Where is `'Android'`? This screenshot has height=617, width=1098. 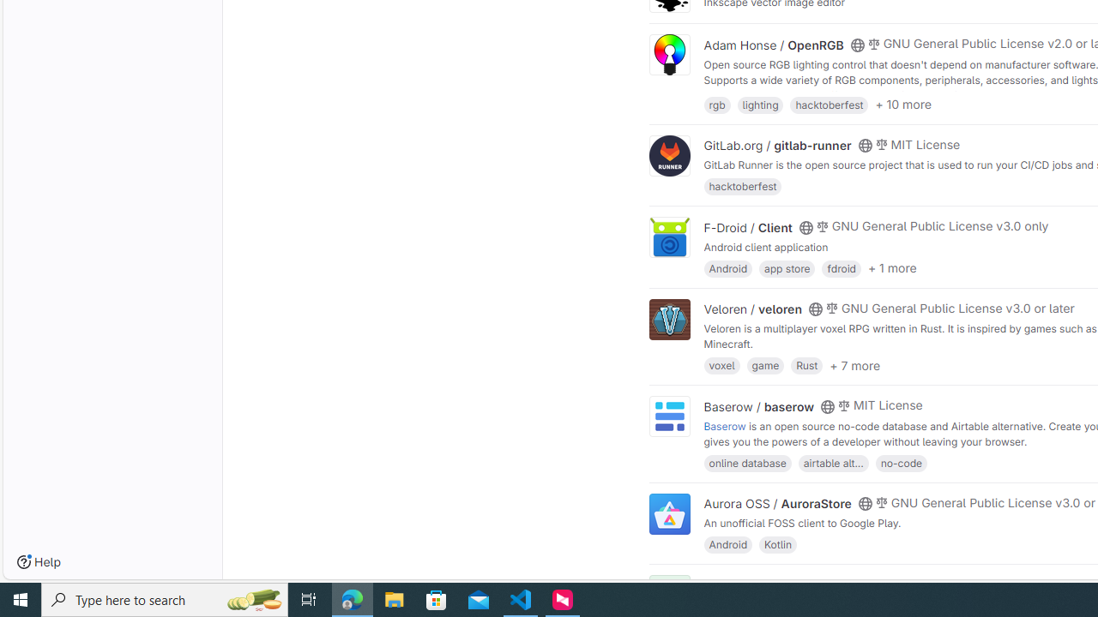 'Android' is located at coordinates (727, 544).